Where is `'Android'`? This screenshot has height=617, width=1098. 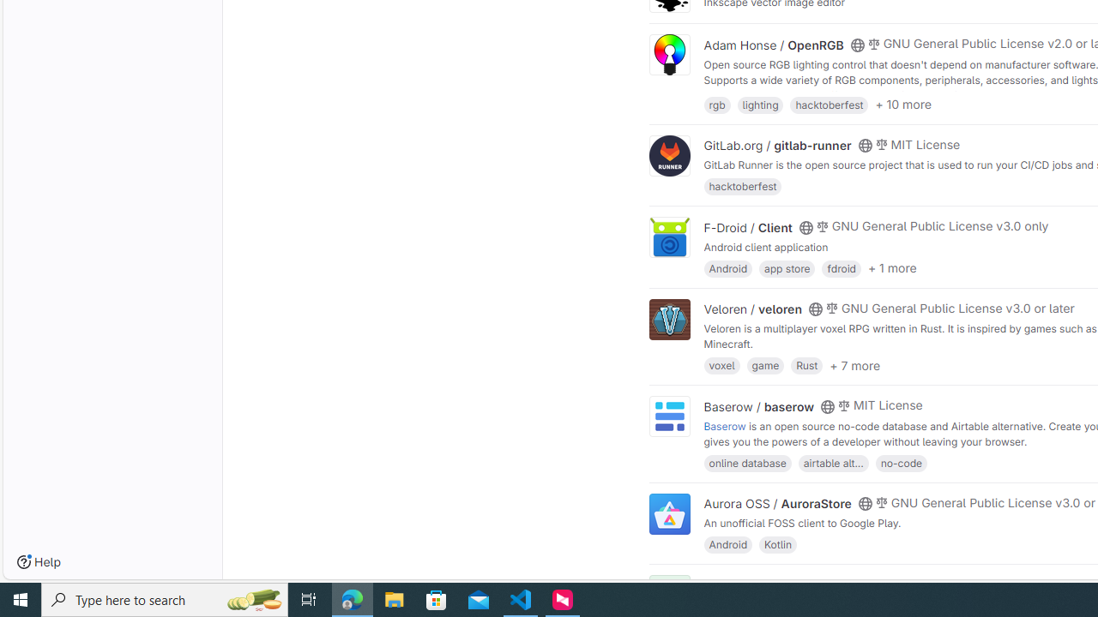 'Android' is located at coordinates (727, 544).